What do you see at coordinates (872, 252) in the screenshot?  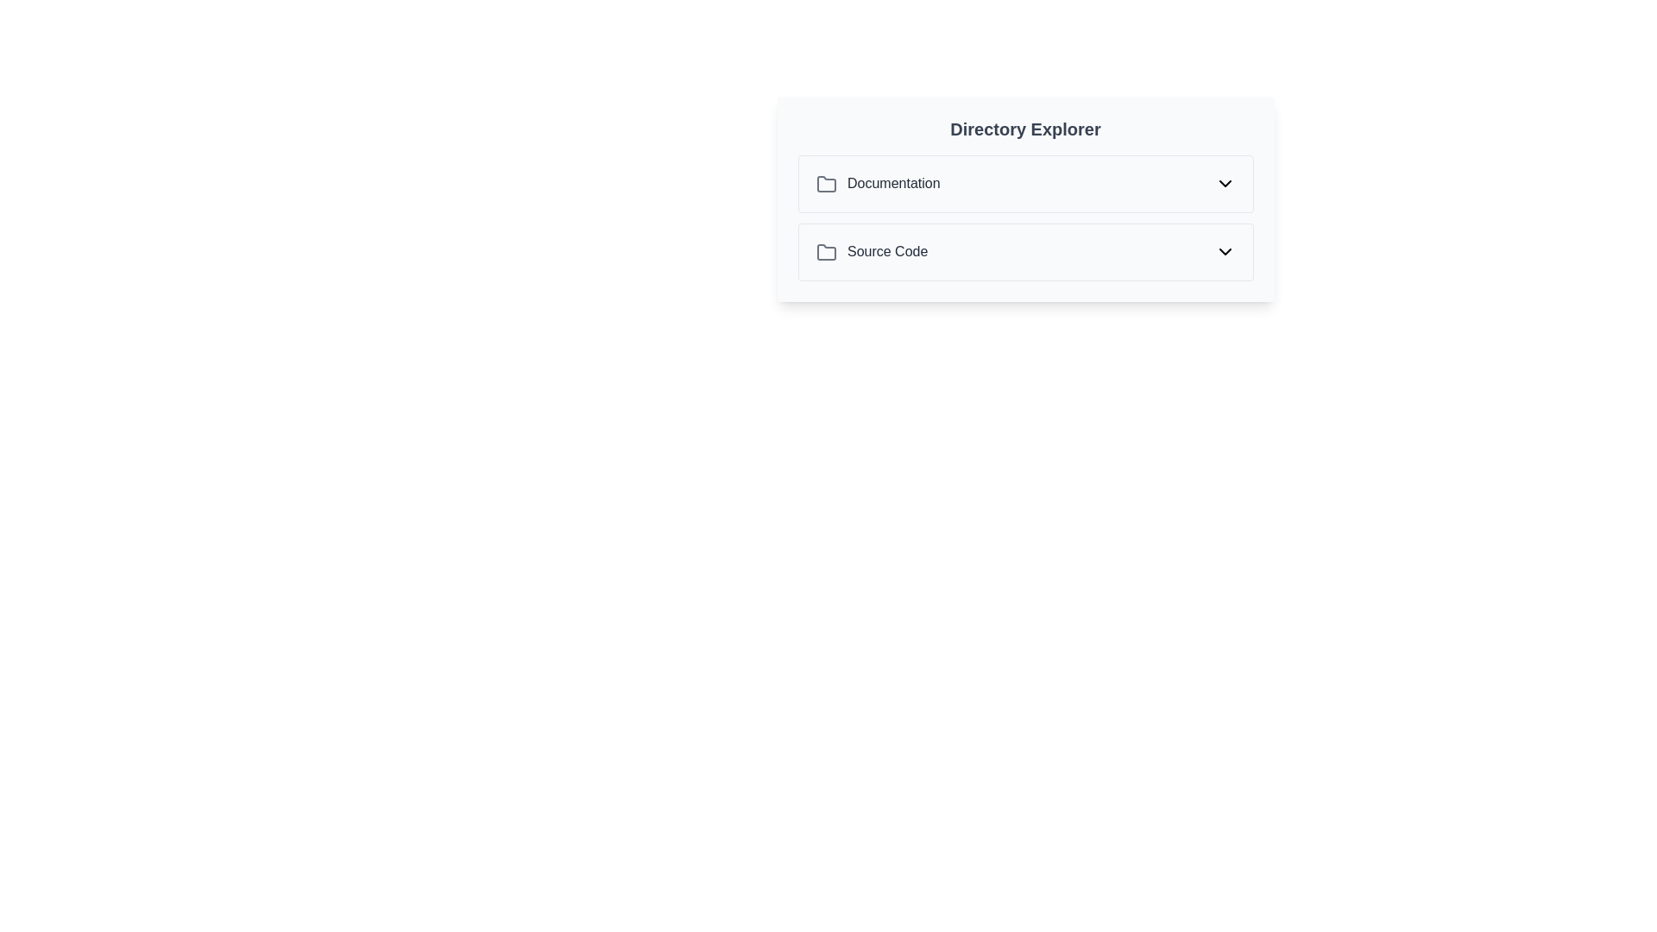 I see `the text label 'Source Code', which is styled in medium-weight gray font and accompanied by a folder icon to its left, located within a directory explorer panel` at bounding box center [872, 252].